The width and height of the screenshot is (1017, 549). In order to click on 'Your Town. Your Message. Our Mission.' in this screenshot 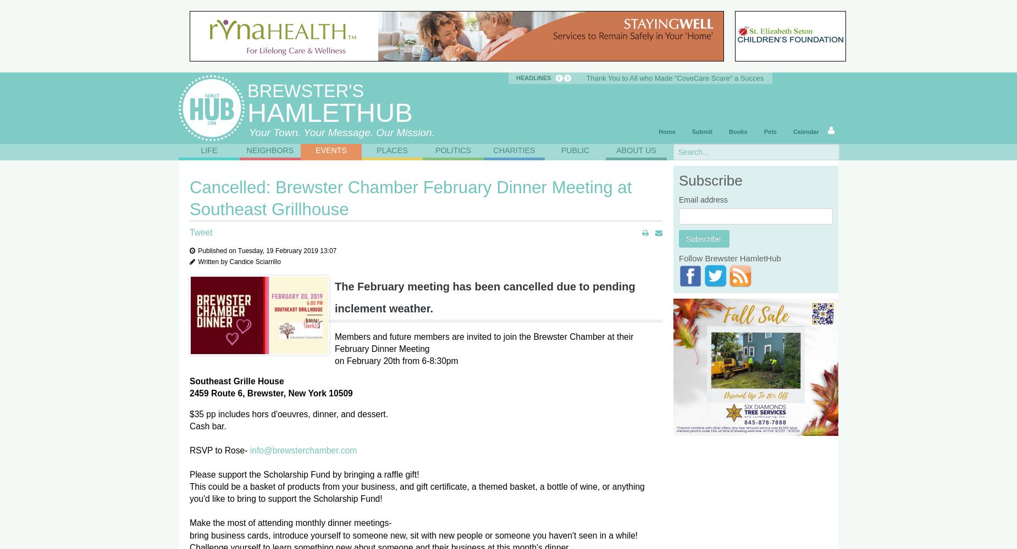, I will do `click(341, 132)`.